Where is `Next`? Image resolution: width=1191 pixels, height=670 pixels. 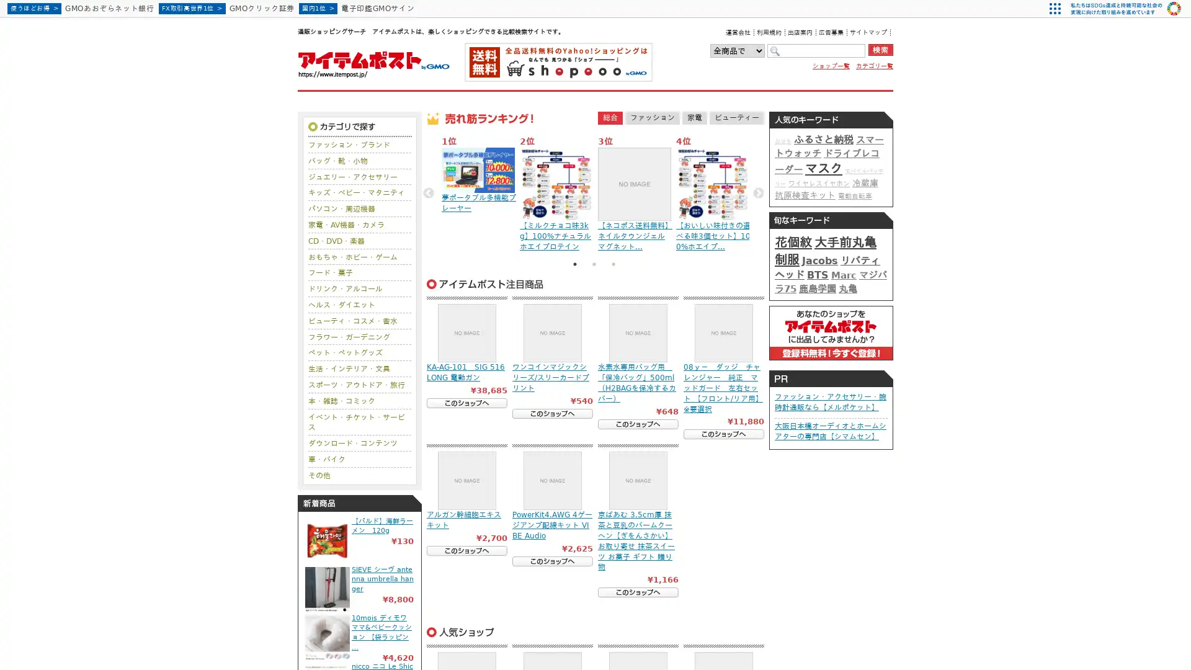 Next is located at coordinates (758, 194).